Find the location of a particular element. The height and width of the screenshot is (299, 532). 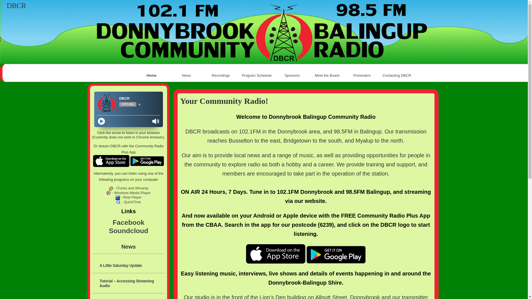

'QuickTime' is located at coordinates (118, 202).